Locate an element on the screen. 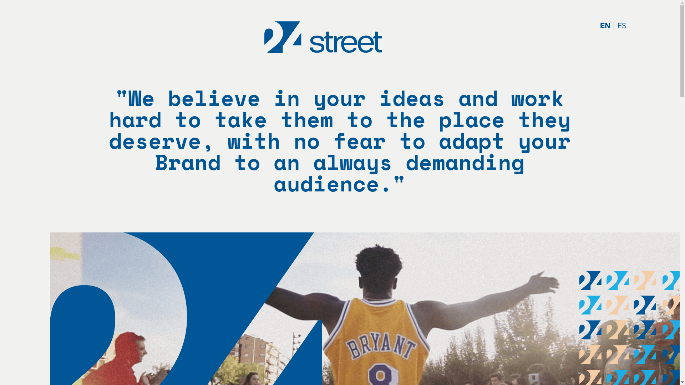  'EN' is located at coordinates (605, 25).